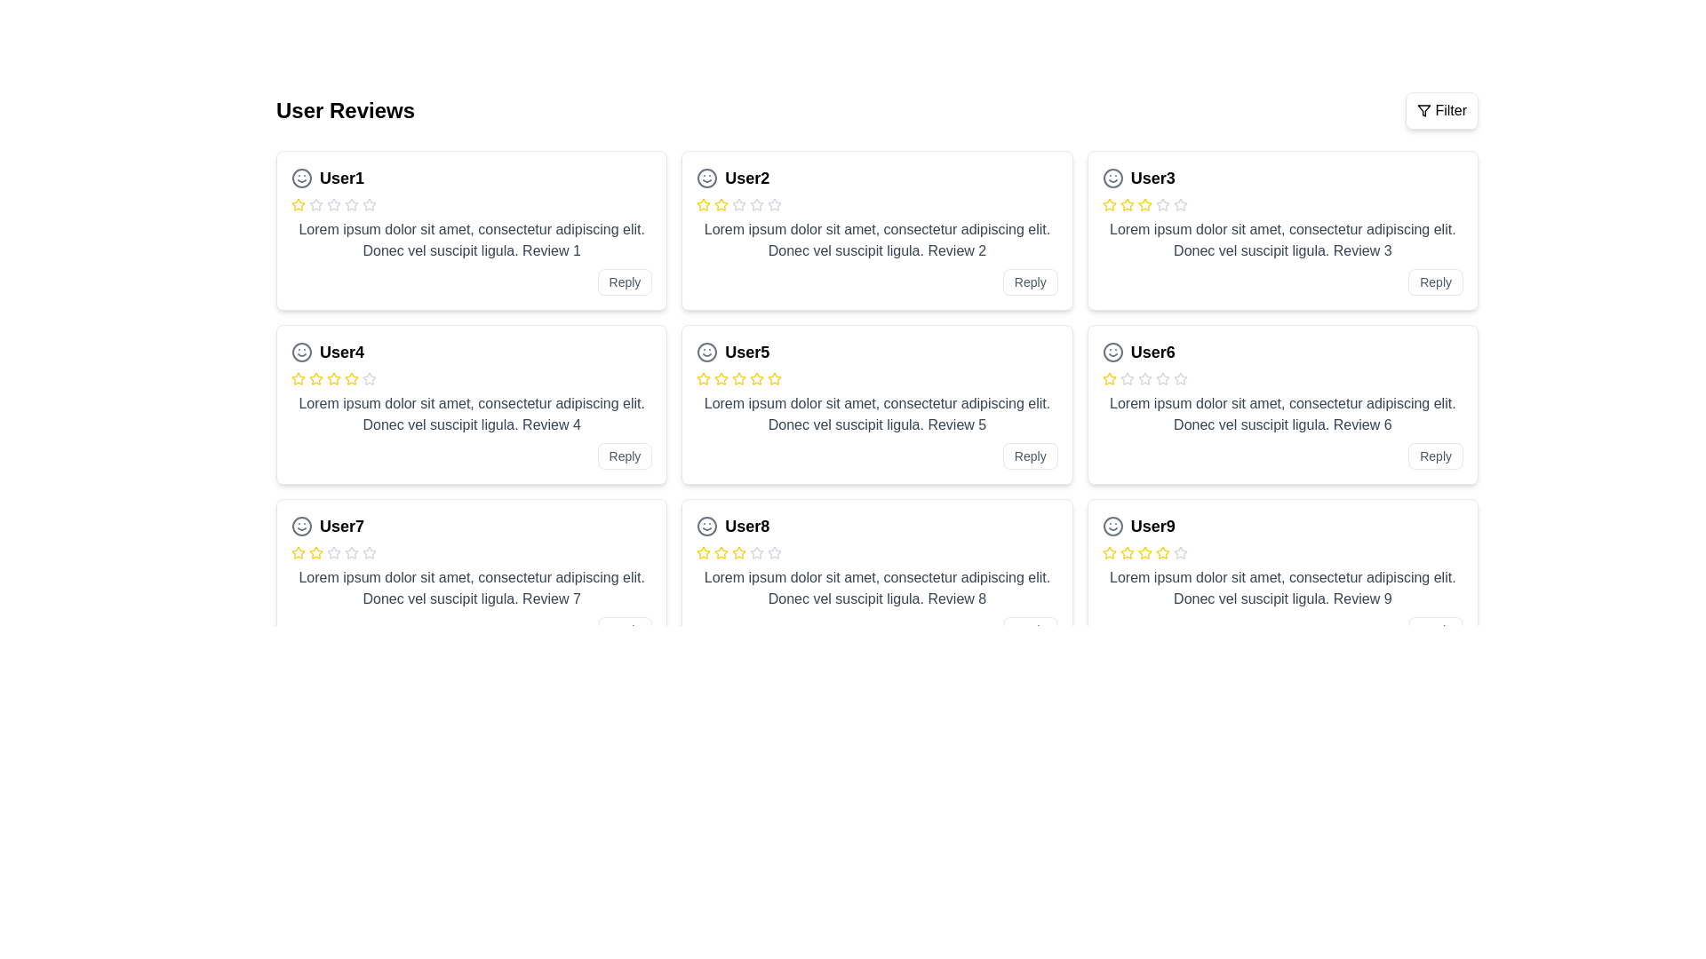 The height and width of the screenshot is (959, 1706). What do you see at coordinates (1112, 353) in the screenshot?
I see `smiley face icon located at the upper-left corner of the review card for 'User6', which is styled in gray and features a minimalist design` at bounding box center [1112, 353].